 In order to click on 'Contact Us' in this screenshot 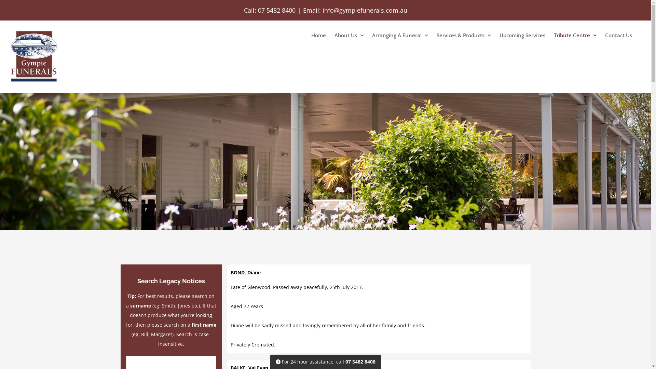, I will do `click(618, 35)`.